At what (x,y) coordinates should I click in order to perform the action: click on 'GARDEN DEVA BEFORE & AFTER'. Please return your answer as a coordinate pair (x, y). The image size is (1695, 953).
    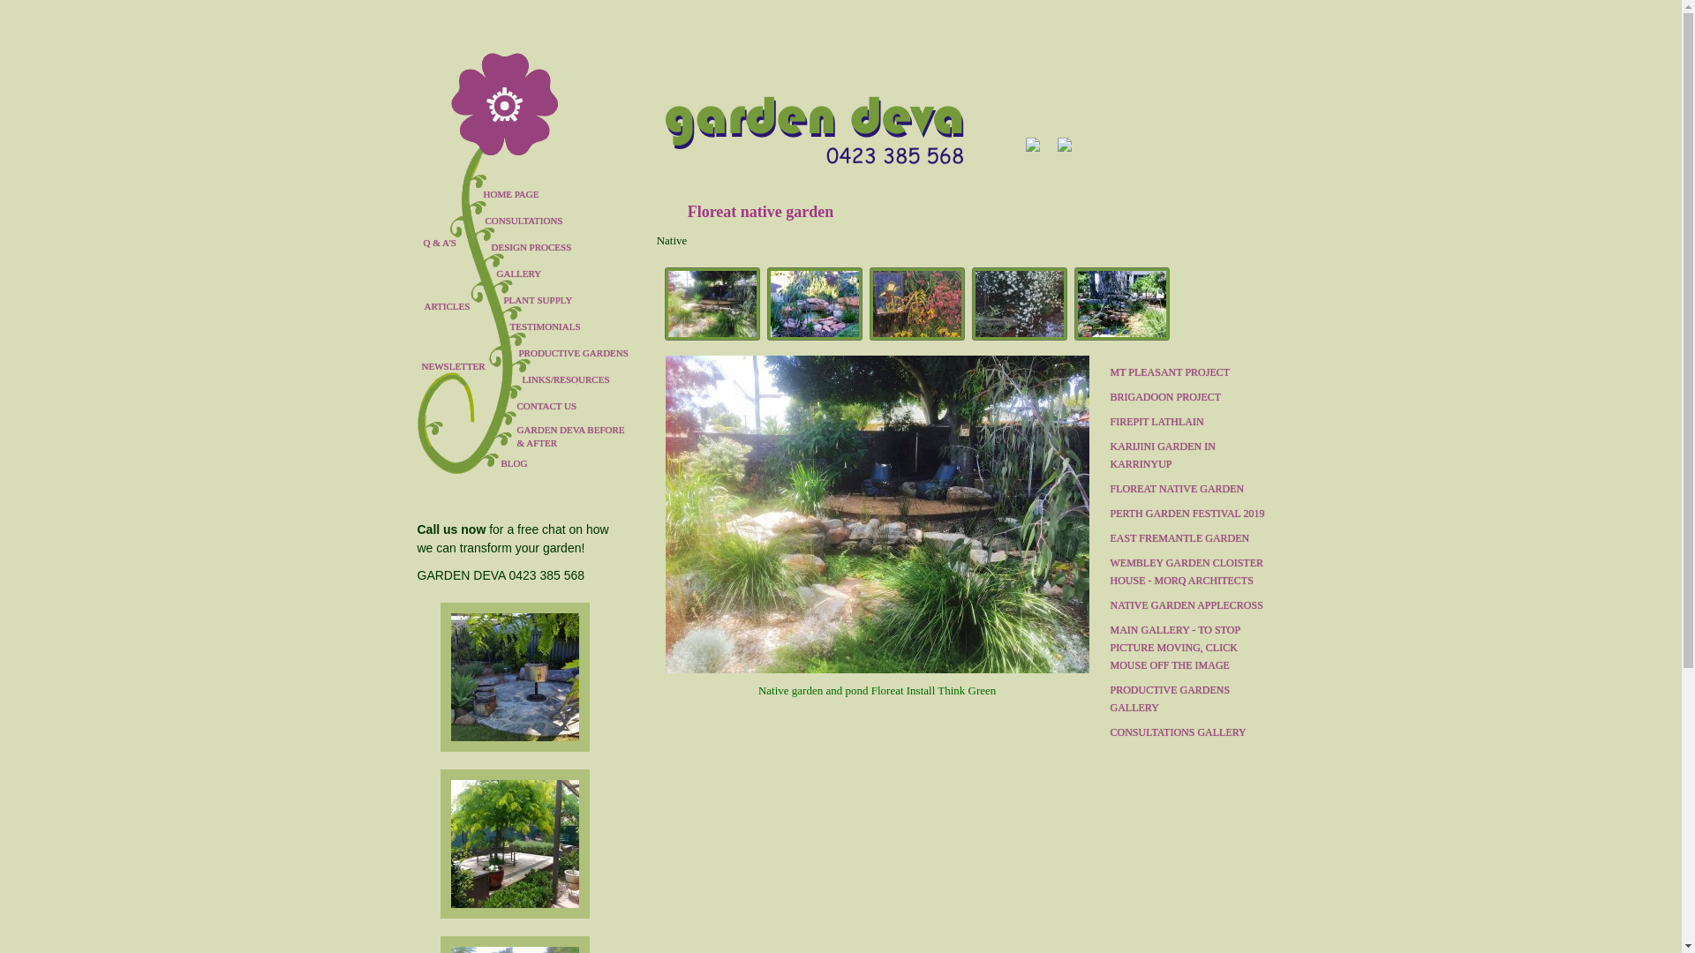
    Looking at the image, I should click on (516, 436).